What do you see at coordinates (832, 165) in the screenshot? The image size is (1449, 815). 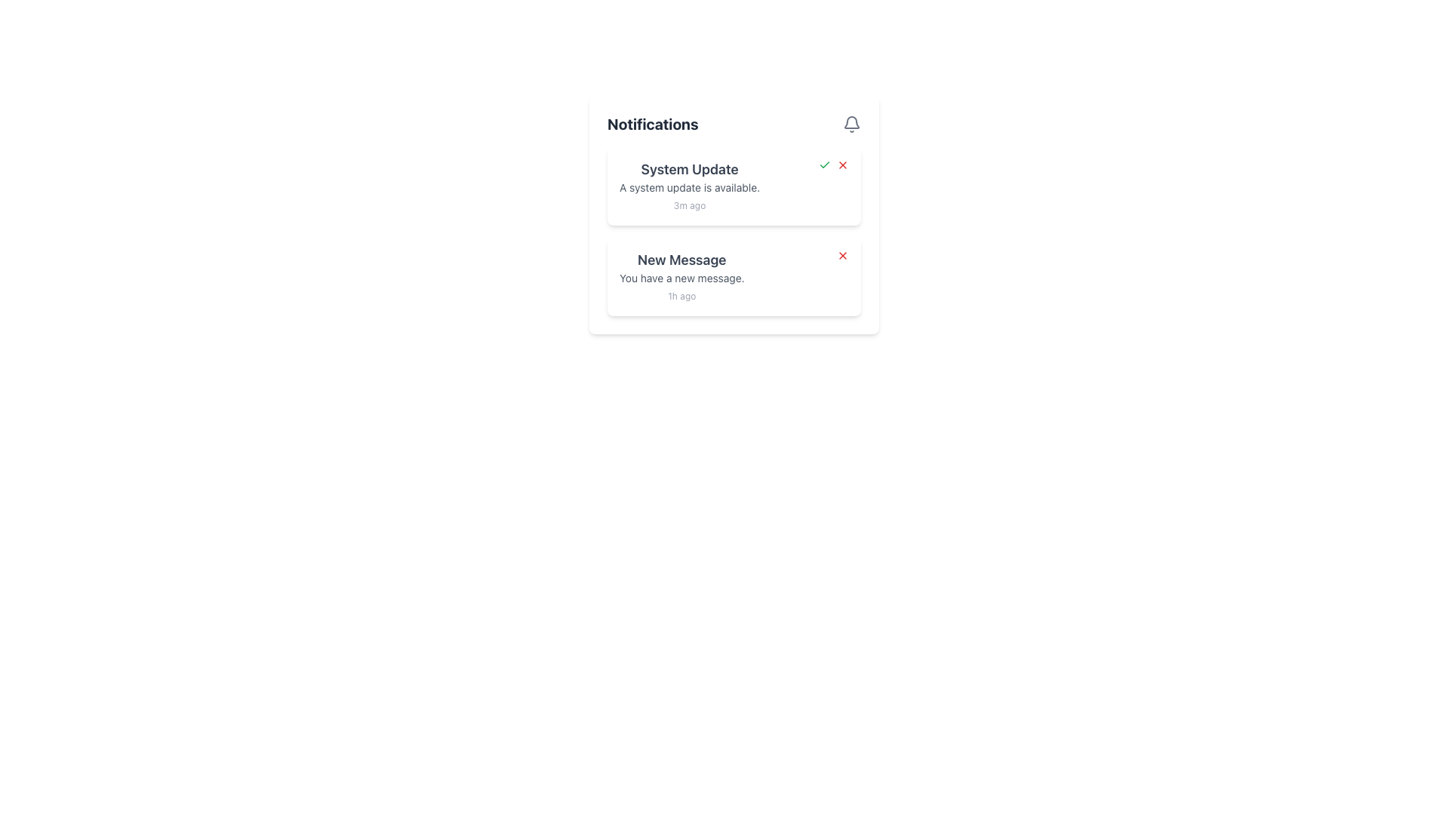 I see `the checkmark icon in the 'System Update' card, which signifies acceptance or approval` at bounding box center [832, 165].